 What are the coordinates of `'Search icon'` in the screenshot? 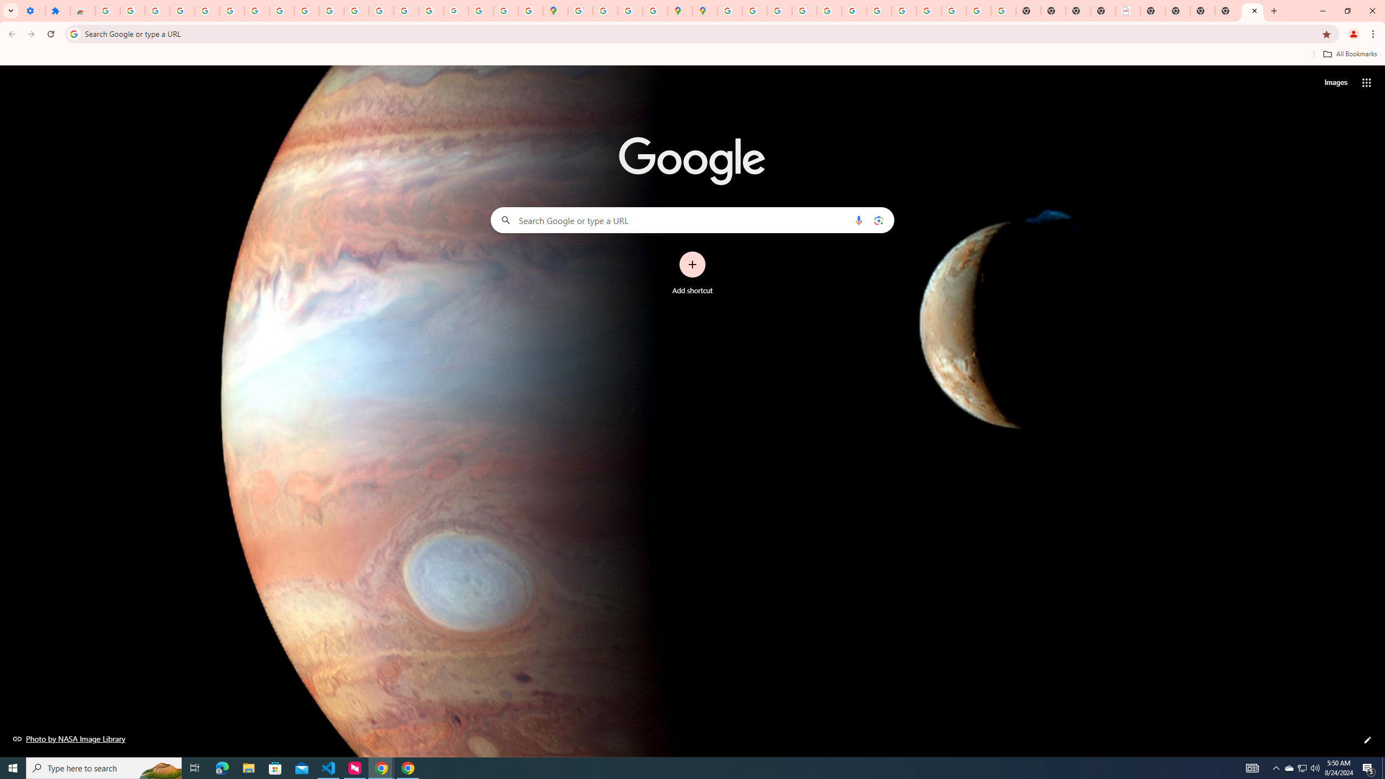 It's located at (73, 33).